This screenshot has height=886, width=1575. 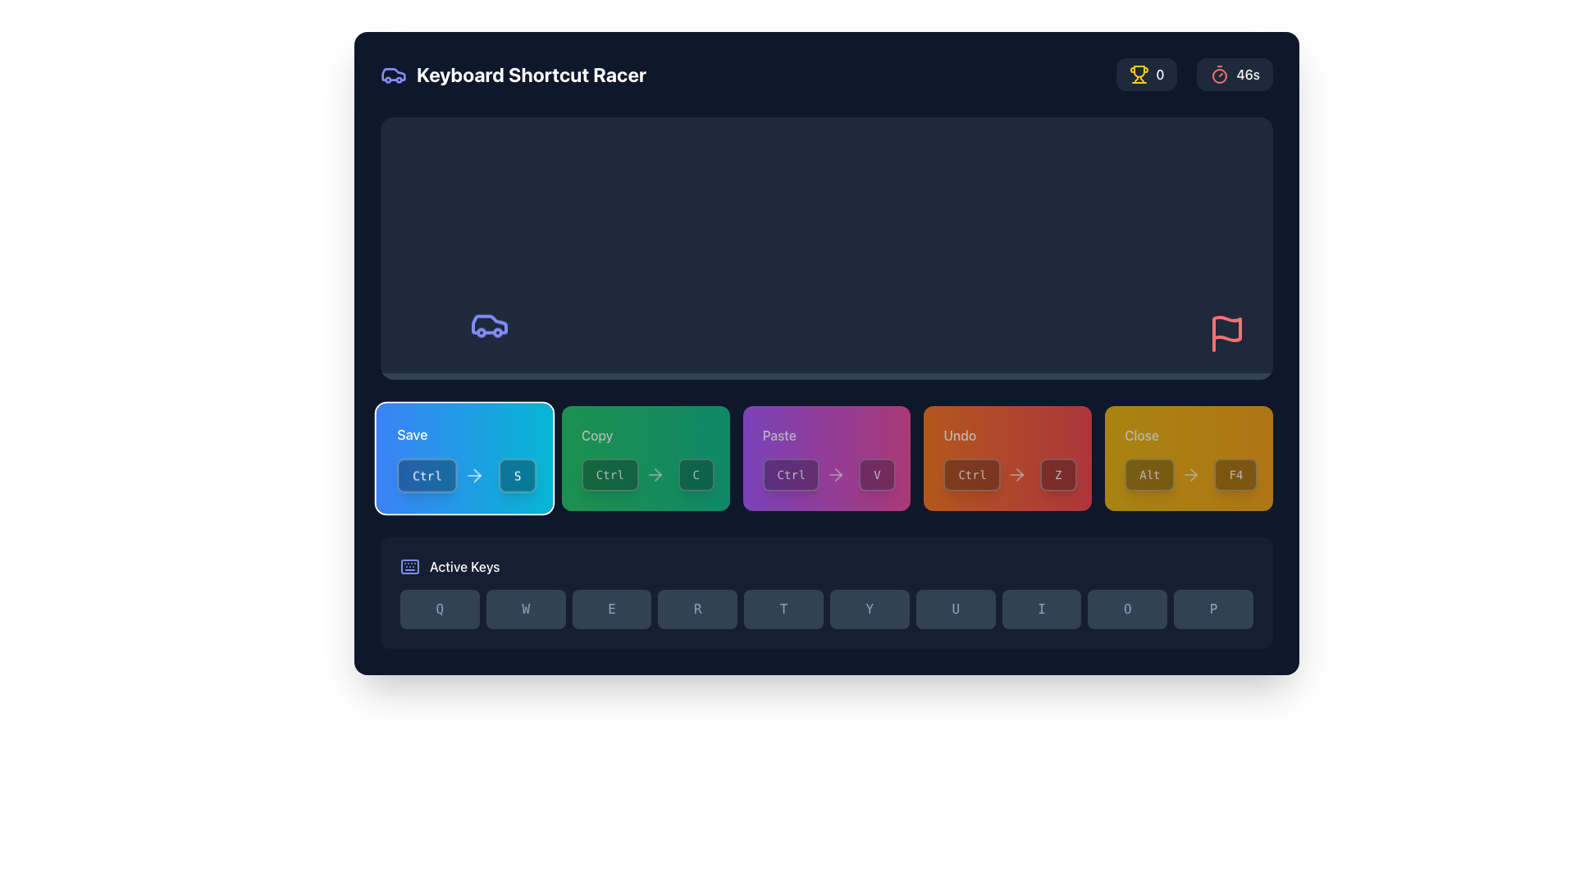 What do you see at coordinates (1235, 75) in the screenshot?
I see `the Timer Display located in the top-right corner of the interface to reset or pause it` at bounding box center [1235, 75].